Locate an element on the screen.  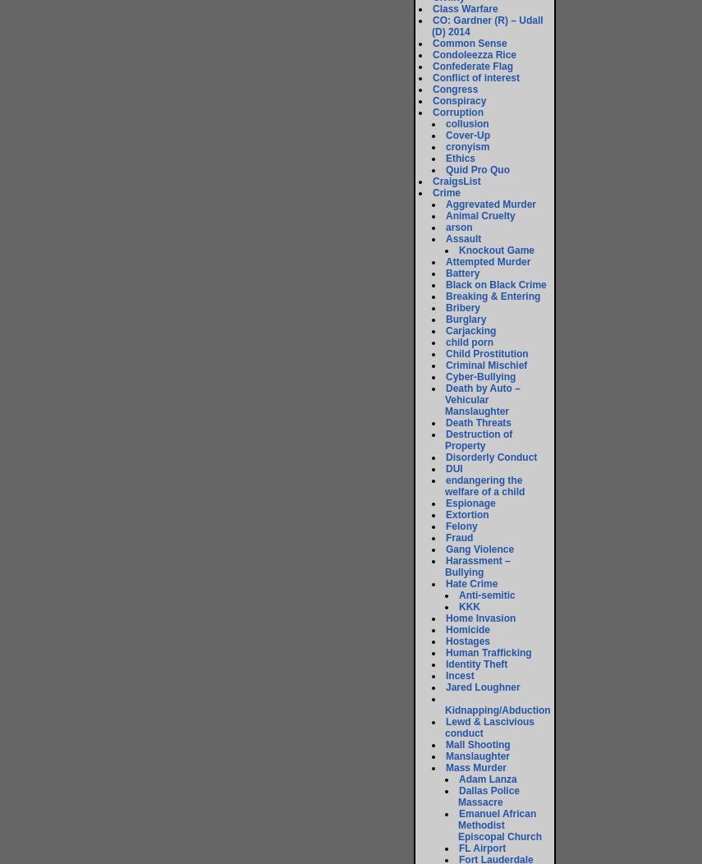
'Death Threats' is located at coordinates (478, 421).